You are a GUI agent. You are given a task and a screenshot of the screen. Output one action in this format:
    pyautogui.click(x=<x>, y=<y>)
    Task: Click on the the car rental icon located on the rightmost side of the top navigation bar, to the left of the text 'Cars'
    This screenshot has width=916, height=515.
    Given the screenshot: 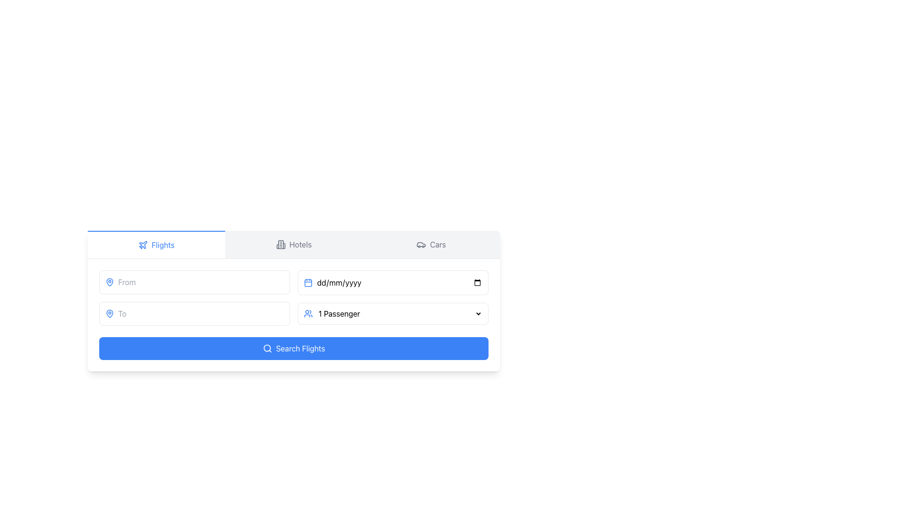 What is the action you would take?
    pyautogui.click(x=421, y=244)
    